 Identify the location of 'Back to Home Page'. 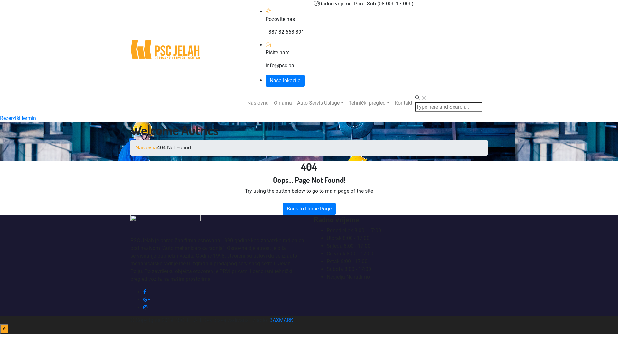
(309, 209).